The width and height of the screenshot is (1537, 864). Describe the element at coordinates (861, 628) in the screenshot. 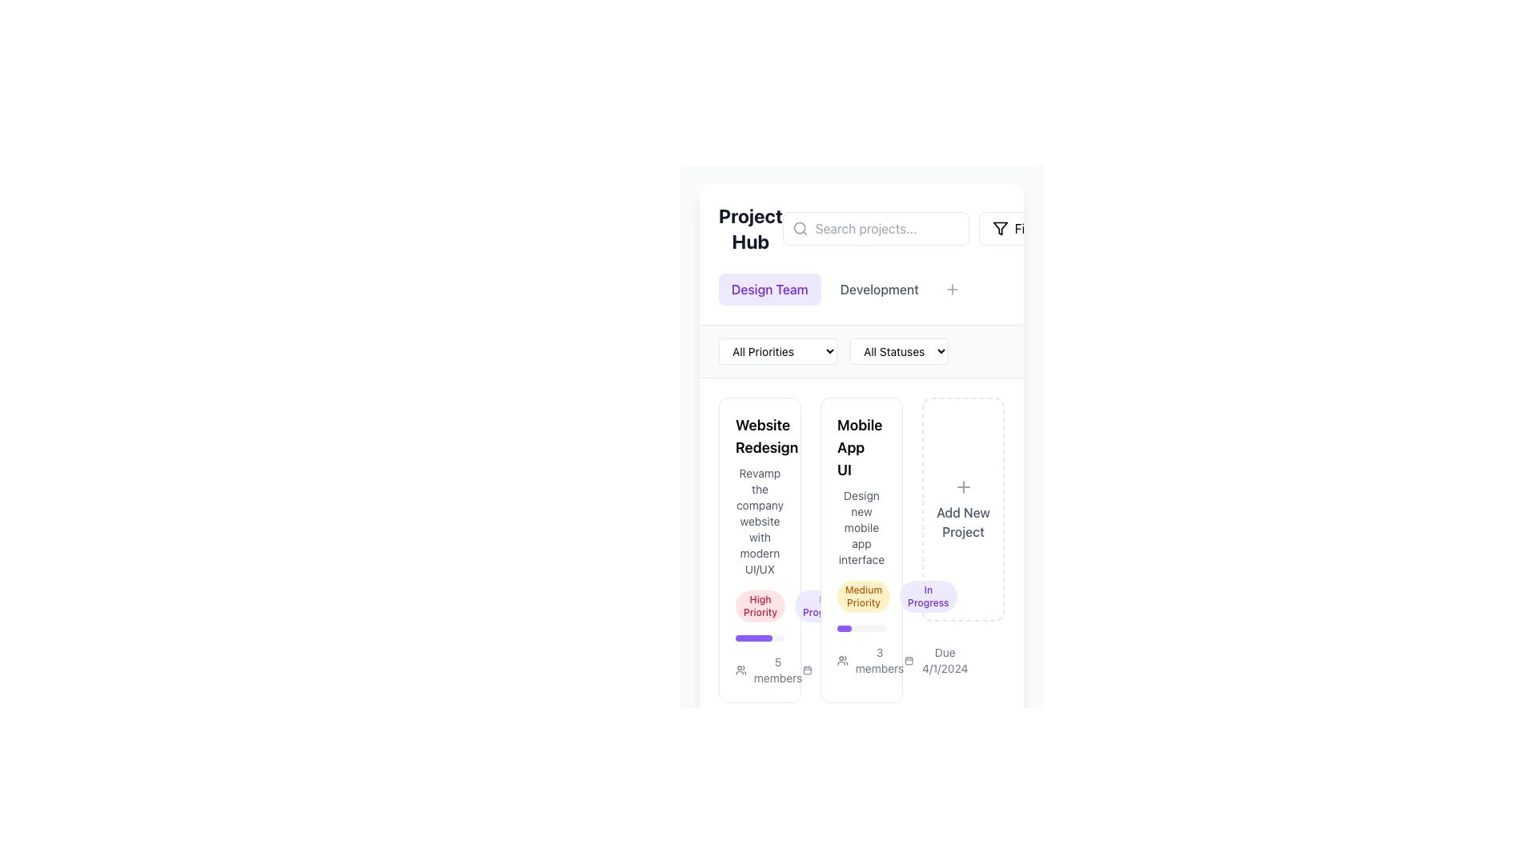

I see `the progress status of the thin horizontal progress bar with round edges, located below the 'Medium Priority' text and above the '3 members' label in the 'Mobile App UI' section` at that location.